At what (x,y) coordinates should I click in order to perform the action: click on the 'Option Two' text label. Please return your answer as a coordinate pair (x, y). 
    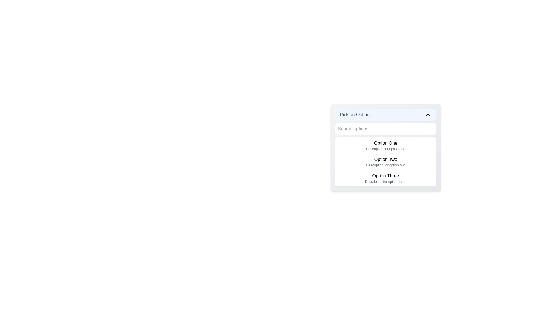
    Looking at the image, I should click on (386, 159).